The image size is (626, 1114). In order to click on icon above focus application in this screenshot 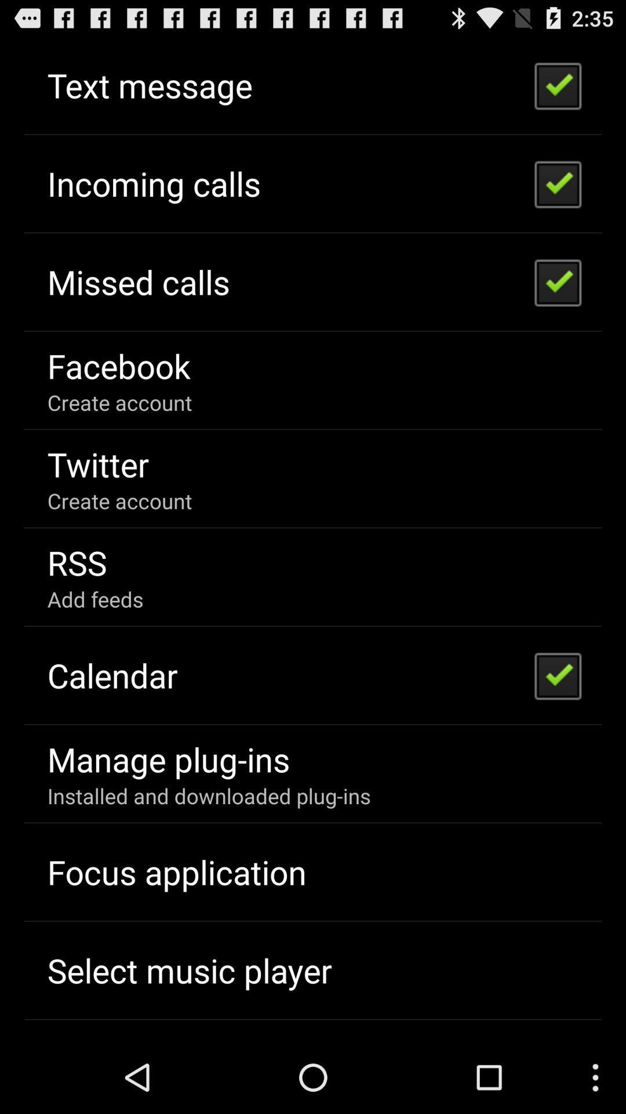, I will do `click(209, 795)`.